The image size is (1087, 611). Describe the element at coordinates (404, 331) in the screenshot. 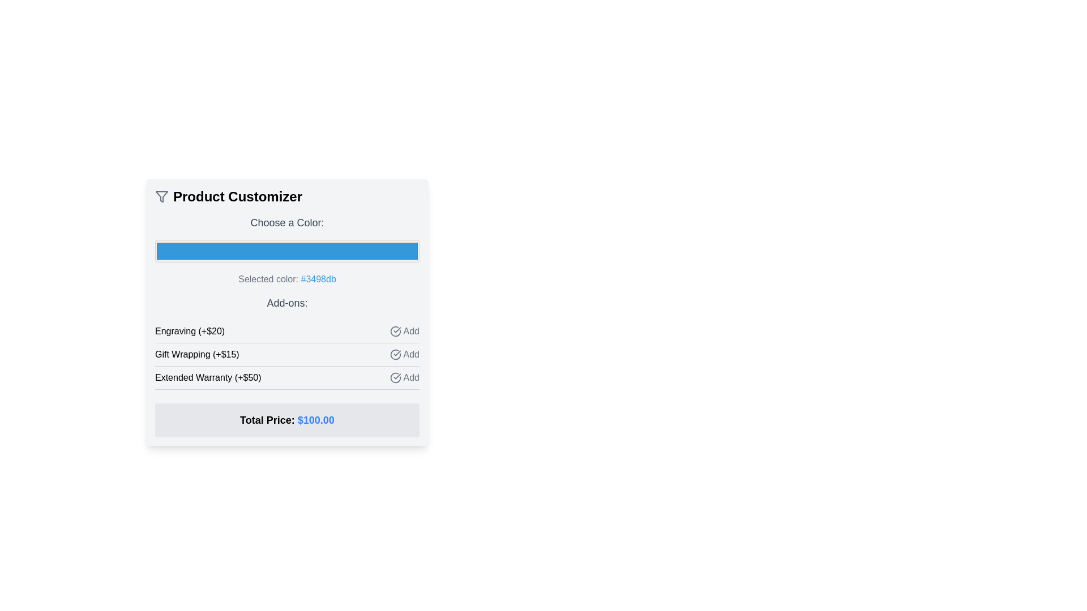

I see `the 'Add' button with a checkmark icon located on the right side of the 'Engraving (+$20)' labeled row in the 'Product Customizer' module` at that location.